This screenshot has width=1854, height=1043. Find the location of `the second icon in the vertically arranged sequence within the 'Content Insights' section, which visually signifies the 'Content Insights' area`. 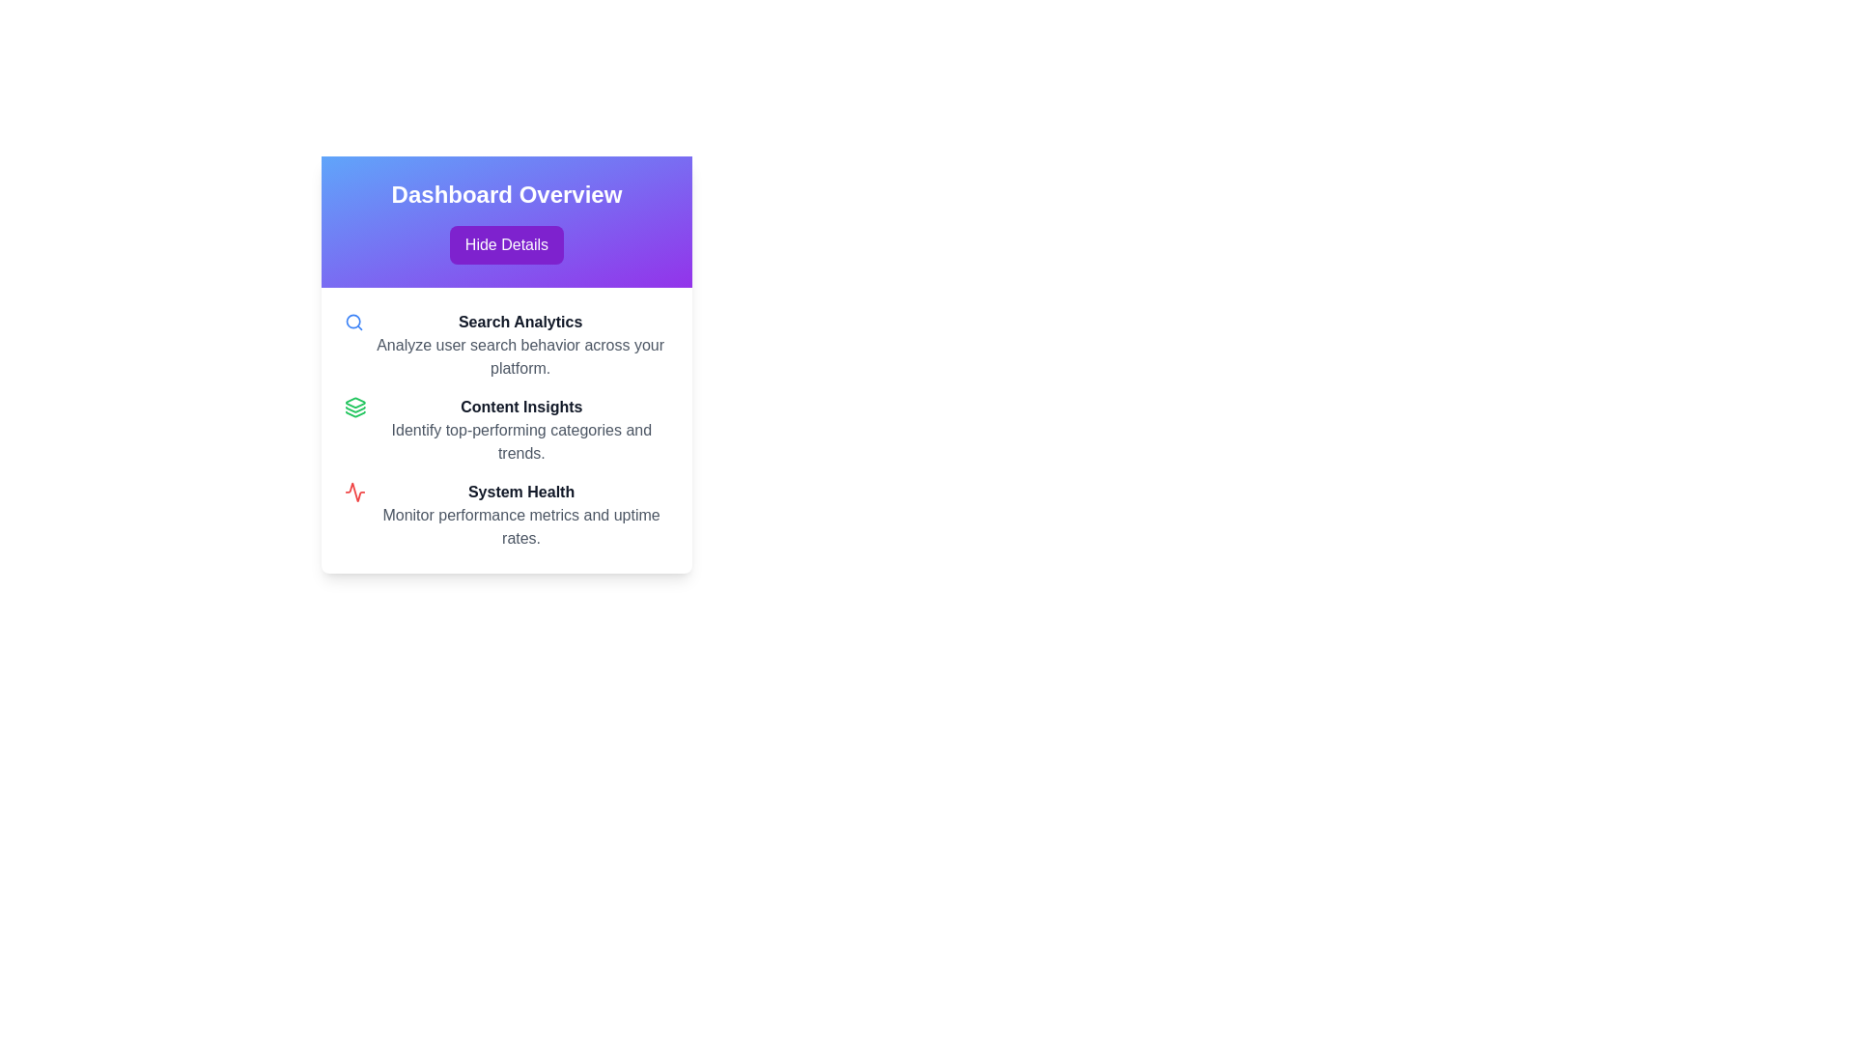

the second icon in the vertically arranged sequence within the 'Content Insights' section, which visually signifies the 'Content Insights' area is located at coordinates (355, 409).